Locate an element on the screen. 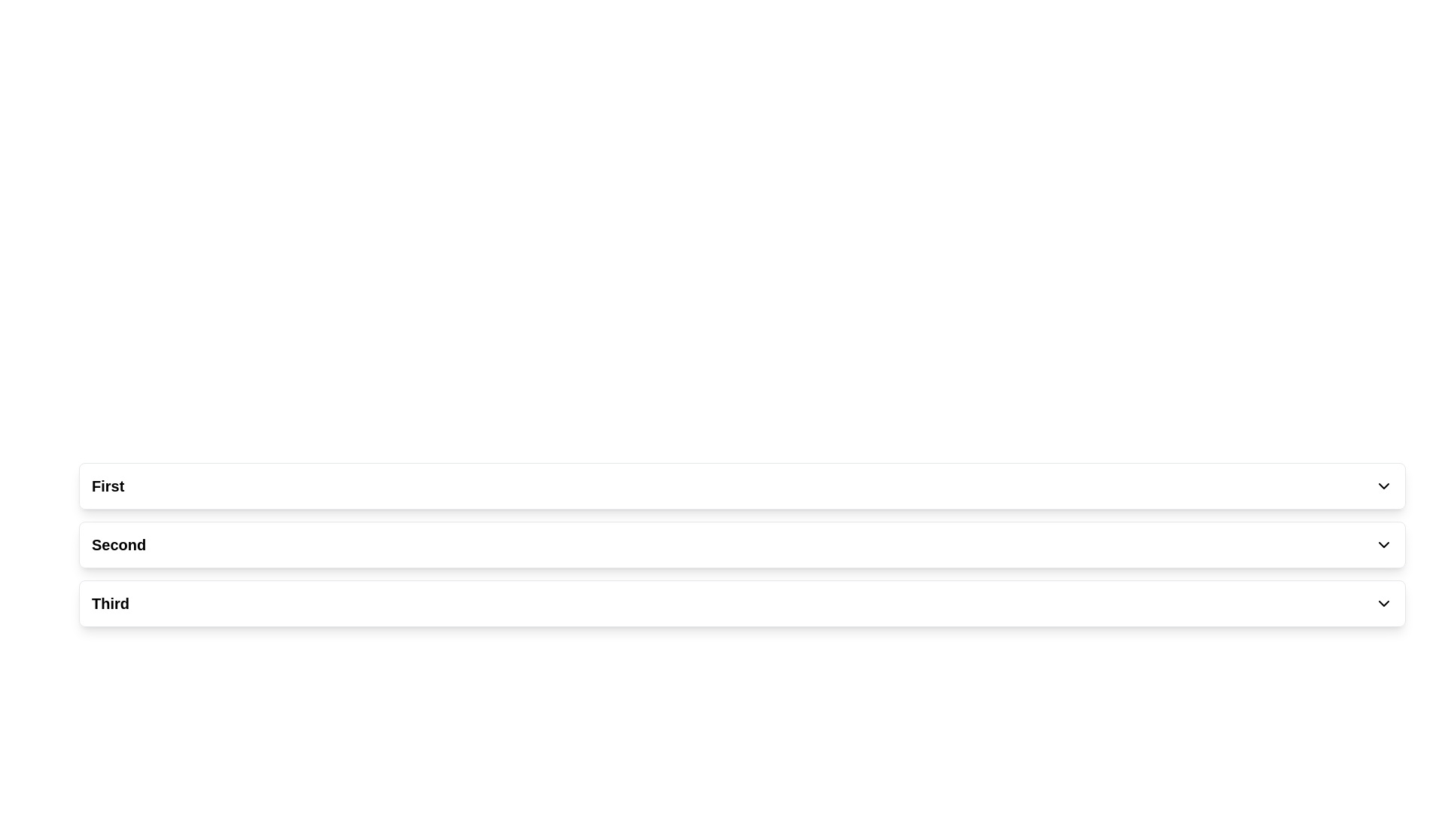  the text element displaying 'Second' in bold and larger font size, located in the second row of a vertical list between 'First' and 'Third' is located at coordinates (118, 545).